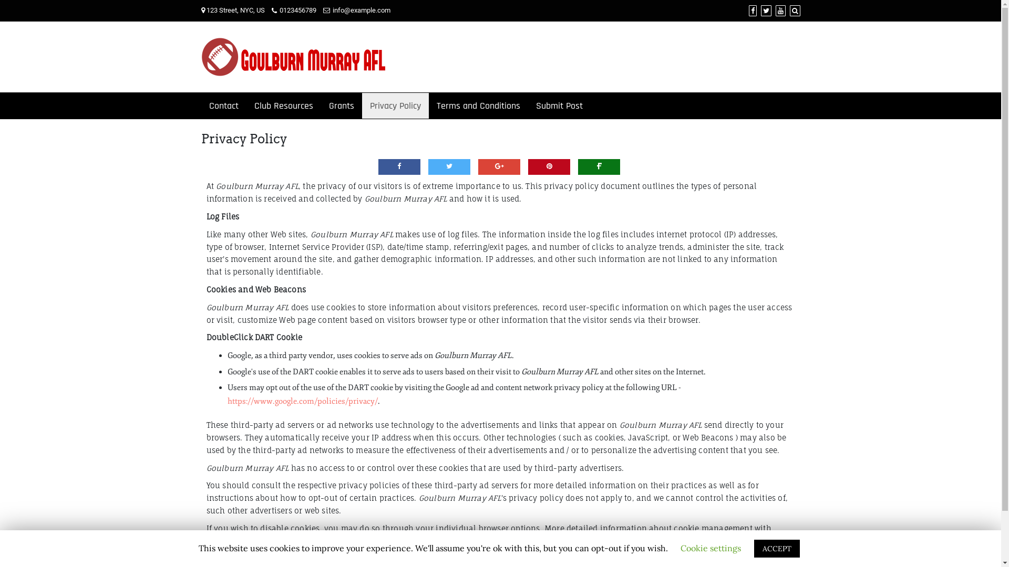 The image size is (1009, 567). What do you see at coordinates (223, 106) in the screenshot?
I see `'Contact'` at bounding box center [223, 106].